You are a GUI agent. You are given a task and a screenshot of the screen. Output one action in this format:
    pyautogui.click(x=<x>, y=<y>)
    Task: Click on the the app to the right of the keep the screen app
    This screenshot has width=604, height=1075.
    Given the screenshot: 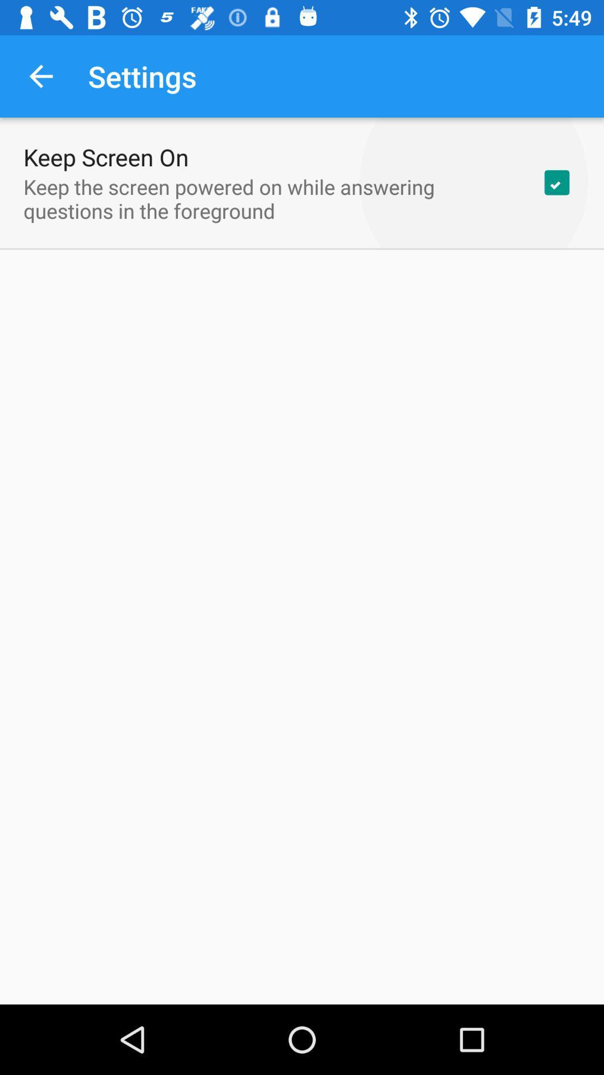 What is the action you would take?
    pyautogui.click(x=556, y=183)
    